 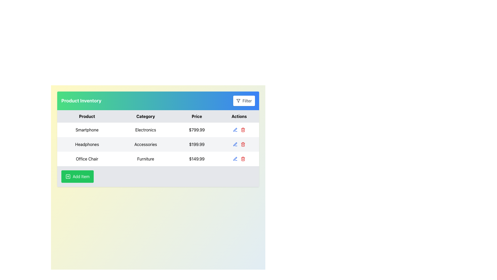 What do you see at coordinates (243, 144) in the screenshot?
I see `the red trash can icon button in the 'Actions' column of the second row in the 'Product Inventory' table` at bounding box center [243, 144].